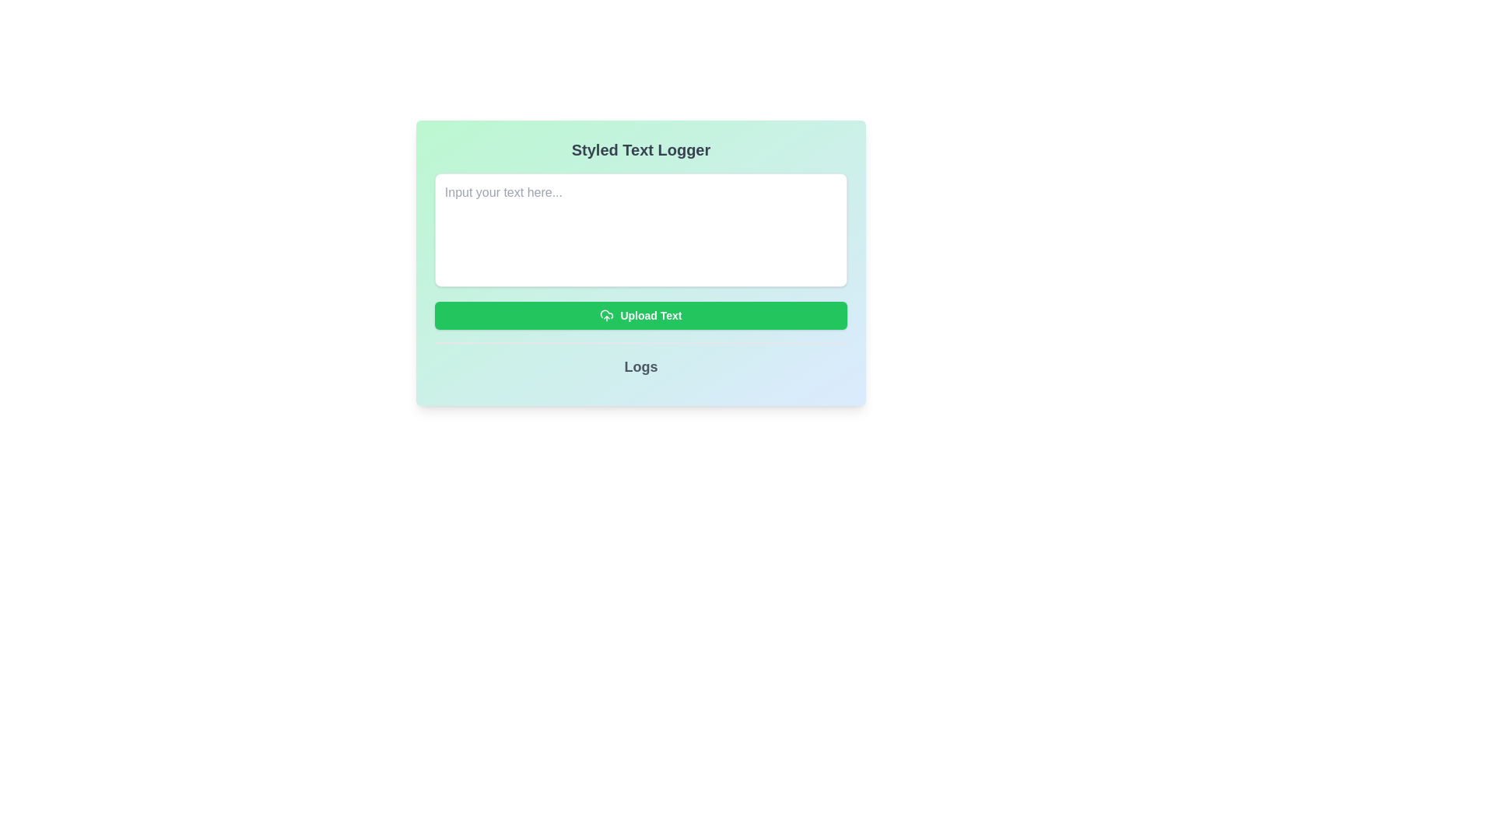 The height and width of the screenshot is (840, 1494). I want to click on the cloud-upload icon located inside the green 'Upload Text' button, so click(606, 315).